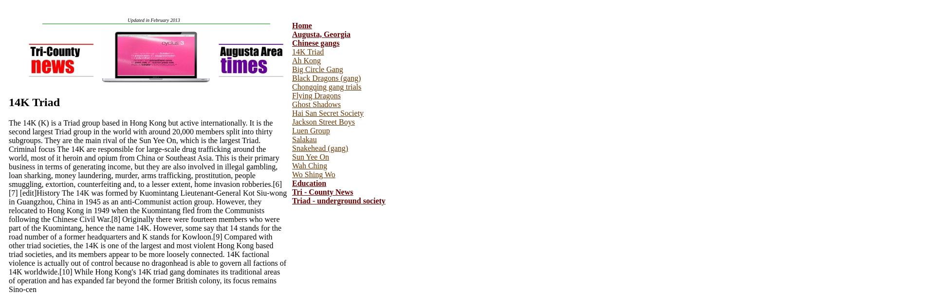  What do you see at coordinates (309, 183) in the screenshot?
I see `'Education'` at bounding box center [309, 183].